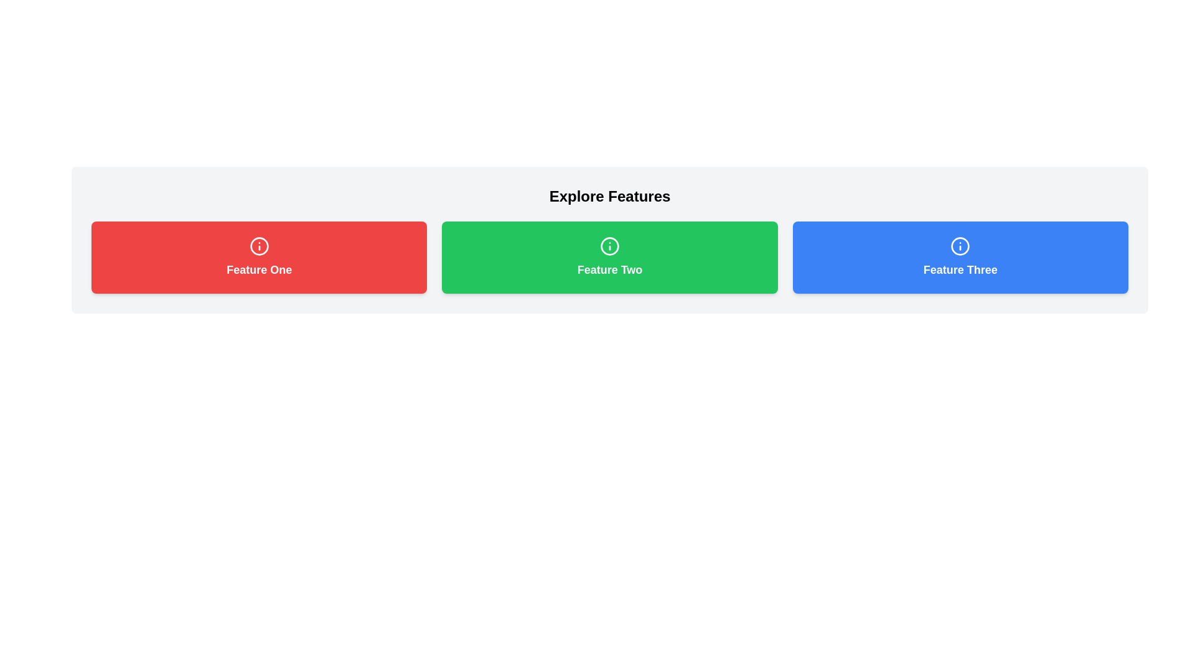 The image size is (1195, 672). What do you see at coordinates (960, 246) in the screenshot?
I see `the information/help icon located at the top-center of the blue card labeled 'Feature Three', which is the right-most card among three horizontally aligned cards` at bounding box center [960, 246].